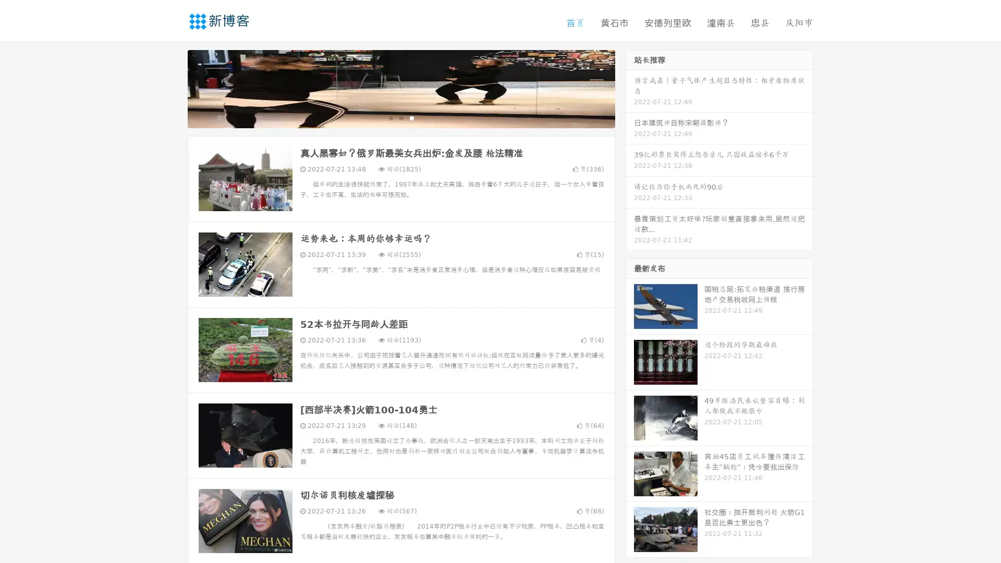  Describe the element at coordinates (172, 88) in the screenshot. I see `Previous slide` at that location.